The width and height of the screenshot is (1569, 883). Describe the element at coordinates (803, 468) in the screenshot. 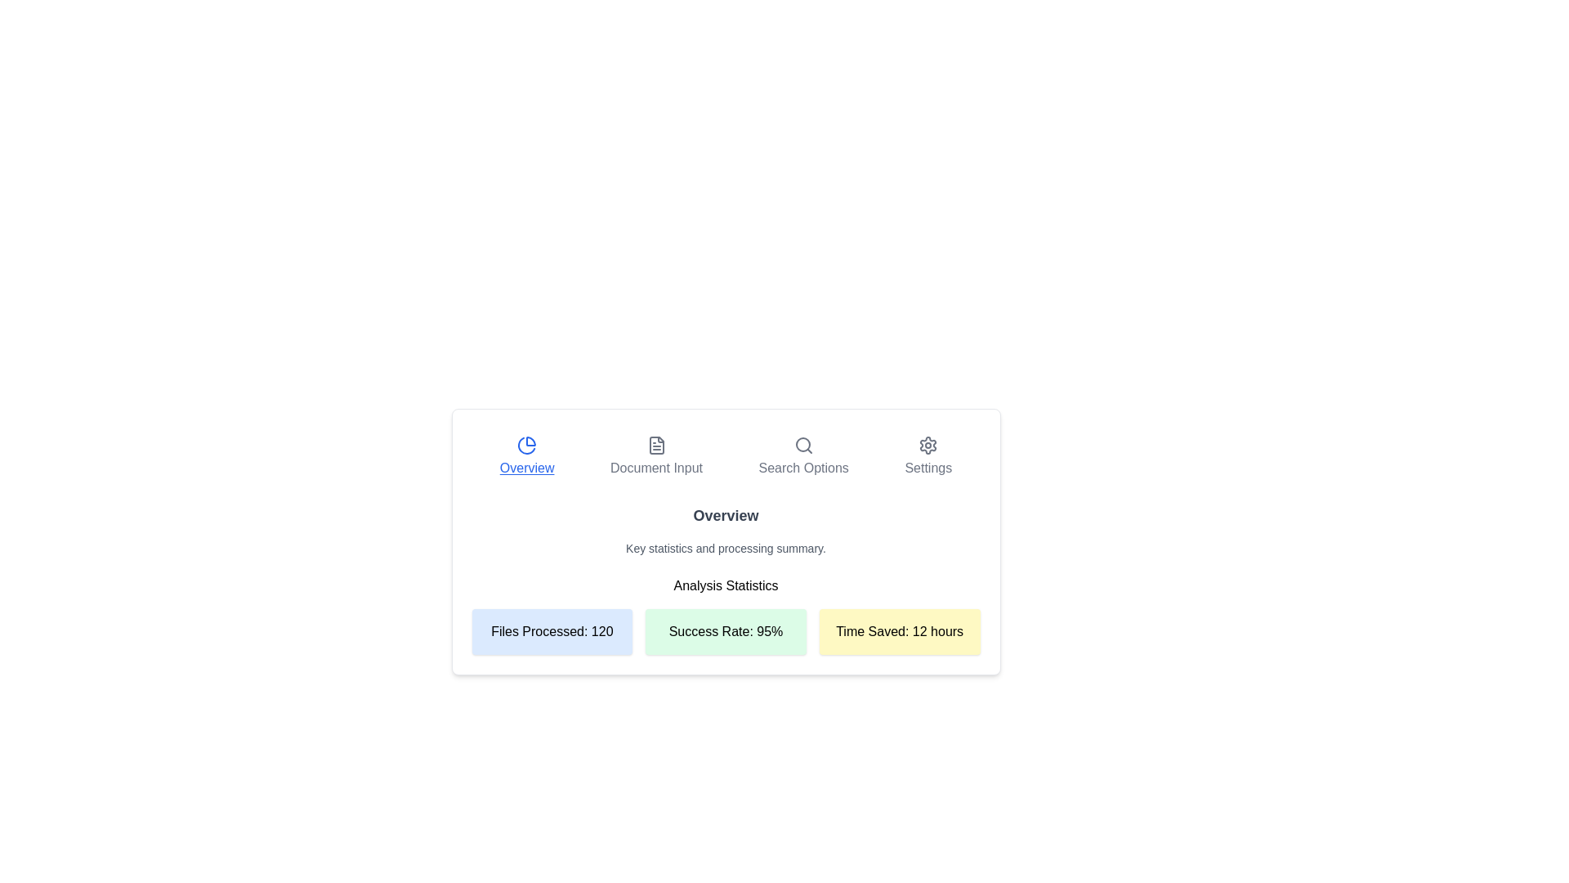

I see `the text label of the interactive search button located` at that location.